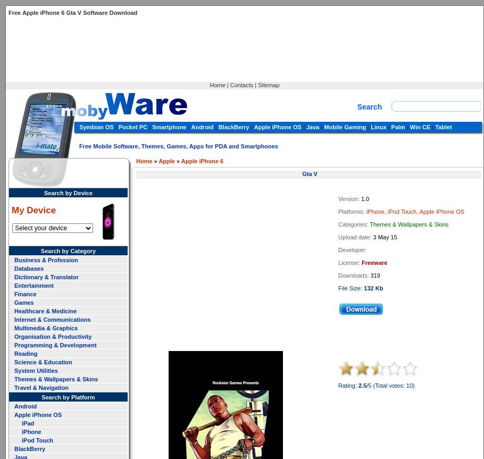 The width and height of the screenshot is (484, 459). I want to click on 'Mobile Gaming', so click(345, 127).